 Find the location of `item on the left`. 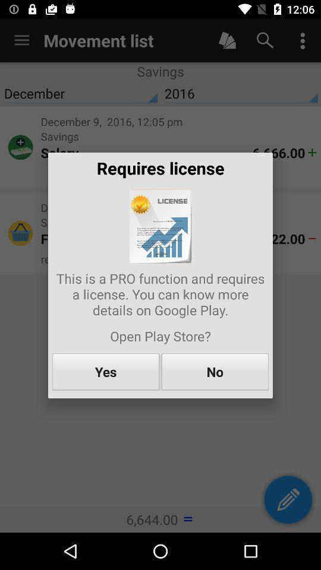

item on the left is located at coordinates (106, 371).